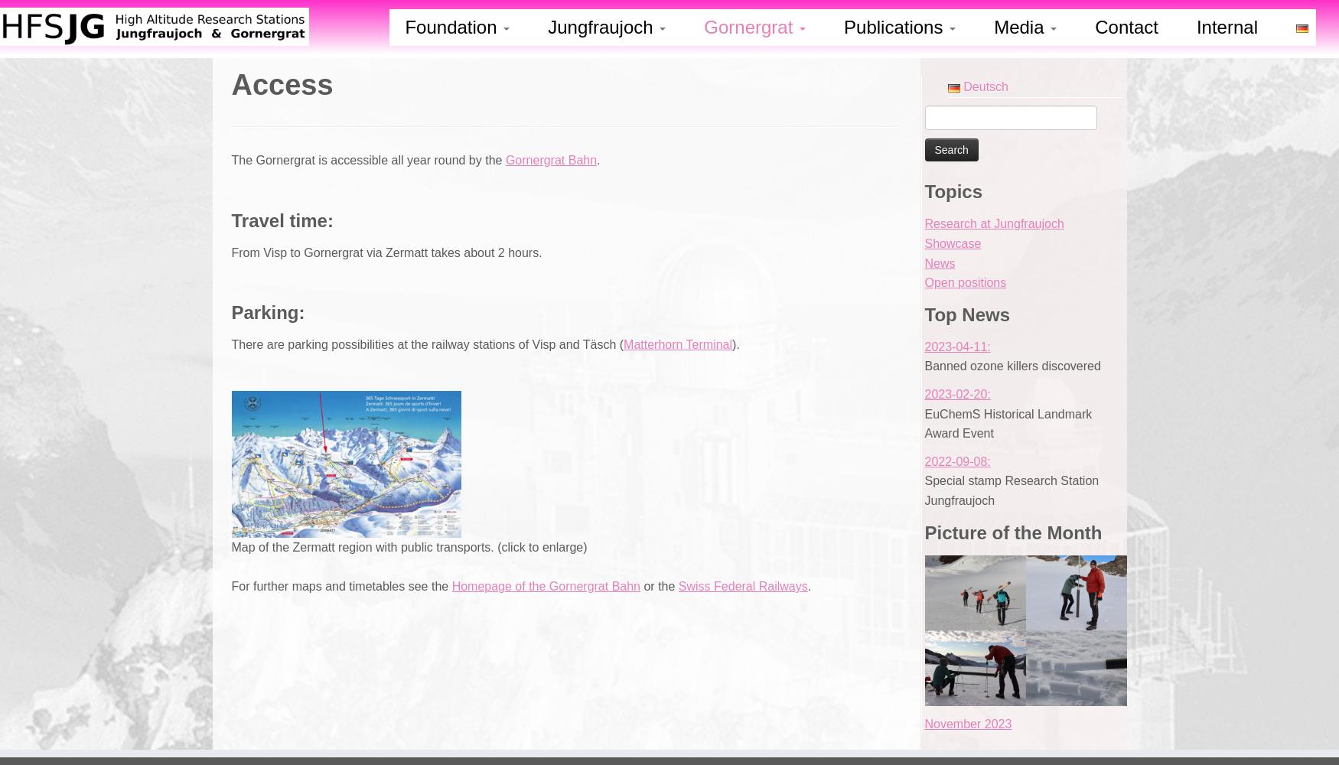 The width and height of the screenshot is (1339, 765). What do you see at coordinates (503, 159) in the screenshot?
I see `'Gornergrat Bahn'` at bounding box center [503, 159].